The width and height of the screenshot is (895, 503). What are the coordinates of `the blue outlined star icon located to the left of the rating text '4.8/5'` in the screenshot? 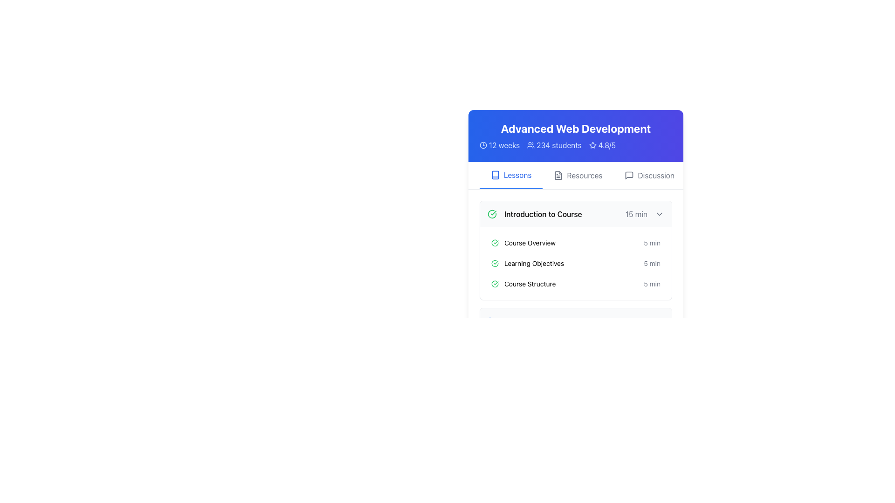 It's located at (592, 145).